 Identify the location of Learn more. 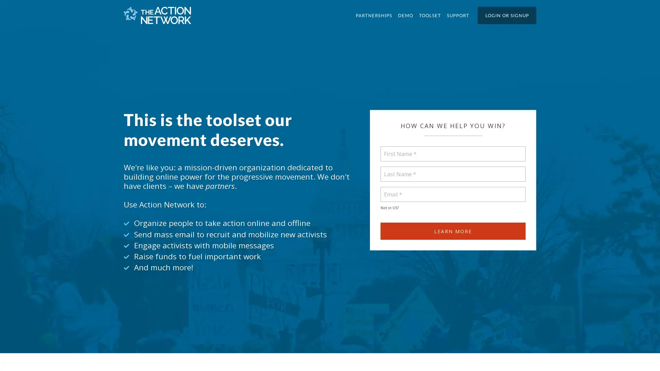
(453, 231).